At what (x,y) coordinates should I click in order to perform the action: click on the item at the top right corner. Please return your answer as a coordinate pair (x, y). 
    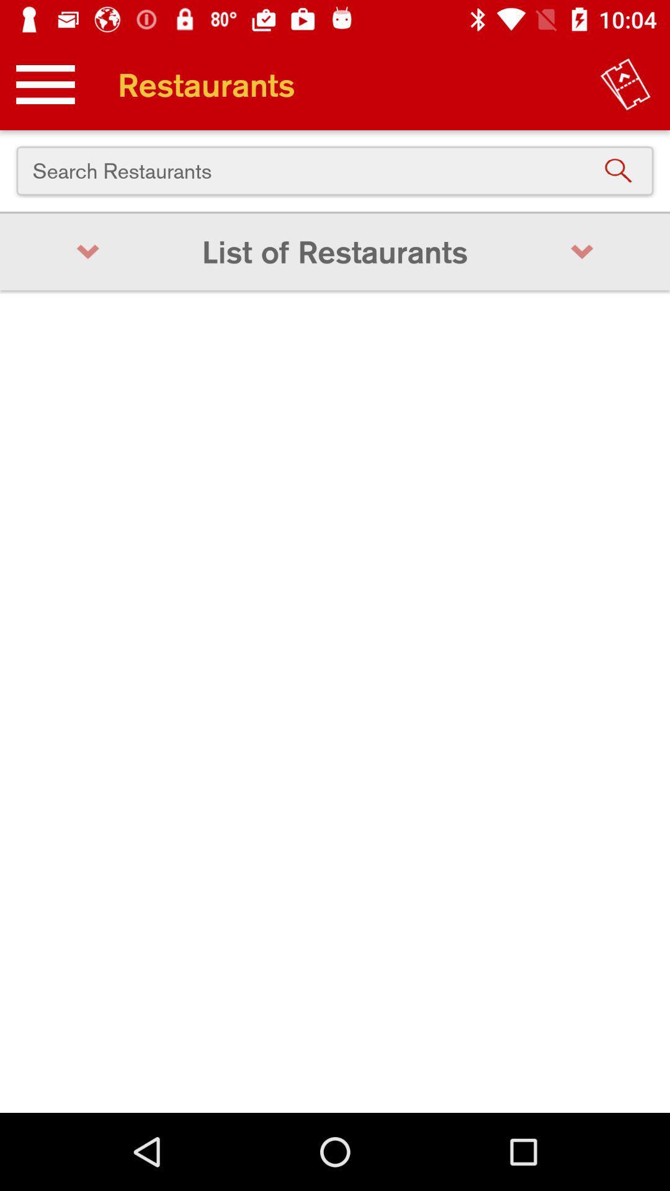
    Looking at the image, I should click on (625, 84).